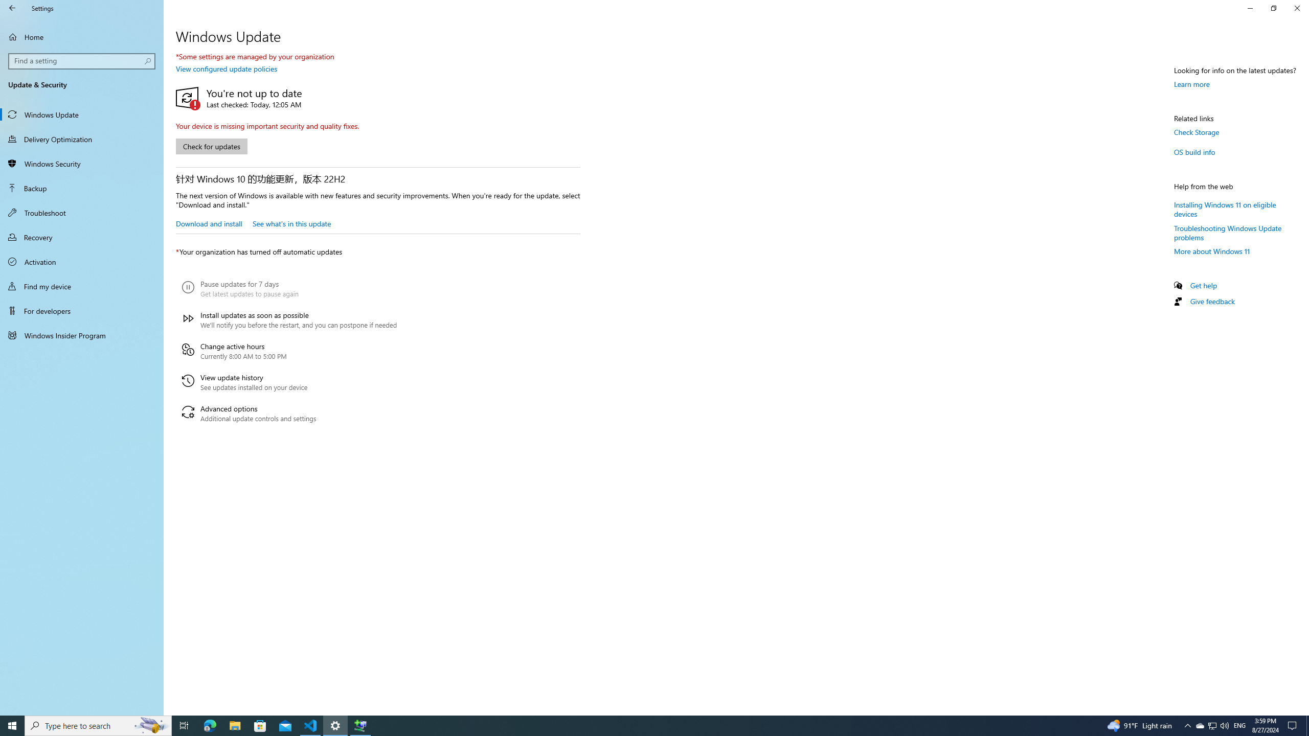 The height and width of the screenshot is (736, 1309). I want to click on 'Check for updates', so click(211, 146).